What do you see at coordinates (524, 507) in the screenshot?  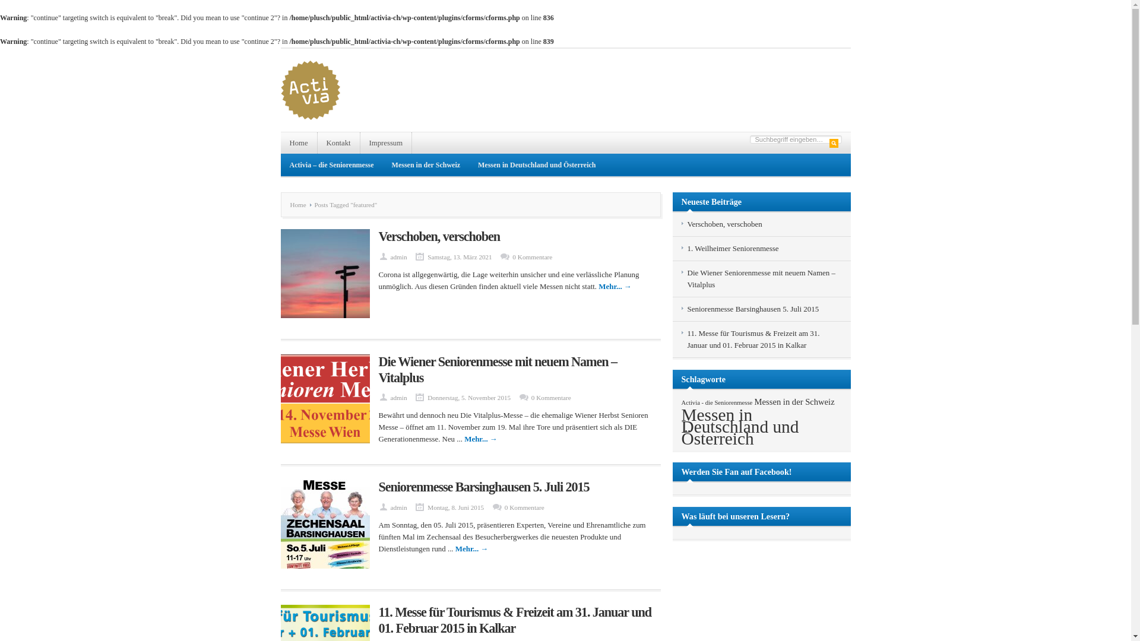 I see `'0 Kommentare'` at bounding box center [524, 507].